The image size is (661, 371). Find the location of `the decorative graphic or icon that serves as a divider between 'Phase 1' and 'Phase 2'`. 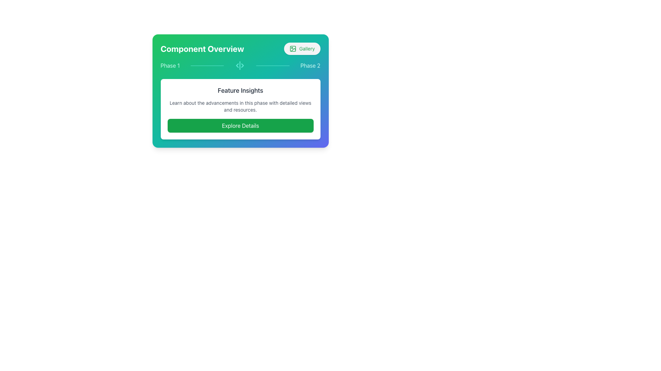

the decorative graphic or icon that serves as a divider between 'Phase 1' and 'Phase 2' is located at coordinates (240, 66).